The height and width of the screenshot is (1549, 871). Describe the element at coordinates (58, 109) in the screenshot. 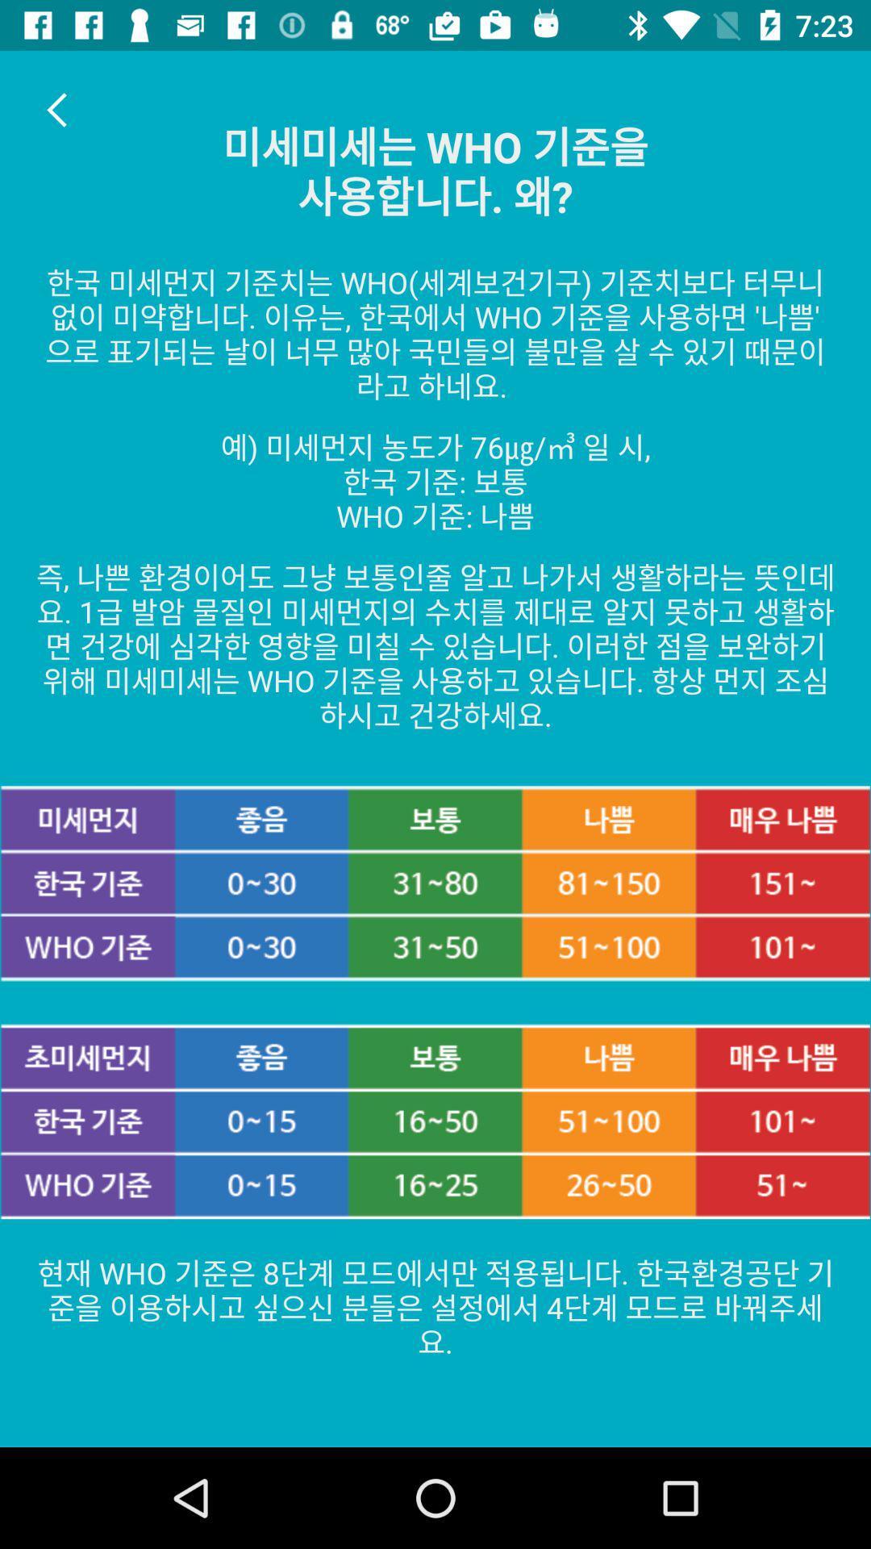

I see `the arrow_backward icon` at that location.